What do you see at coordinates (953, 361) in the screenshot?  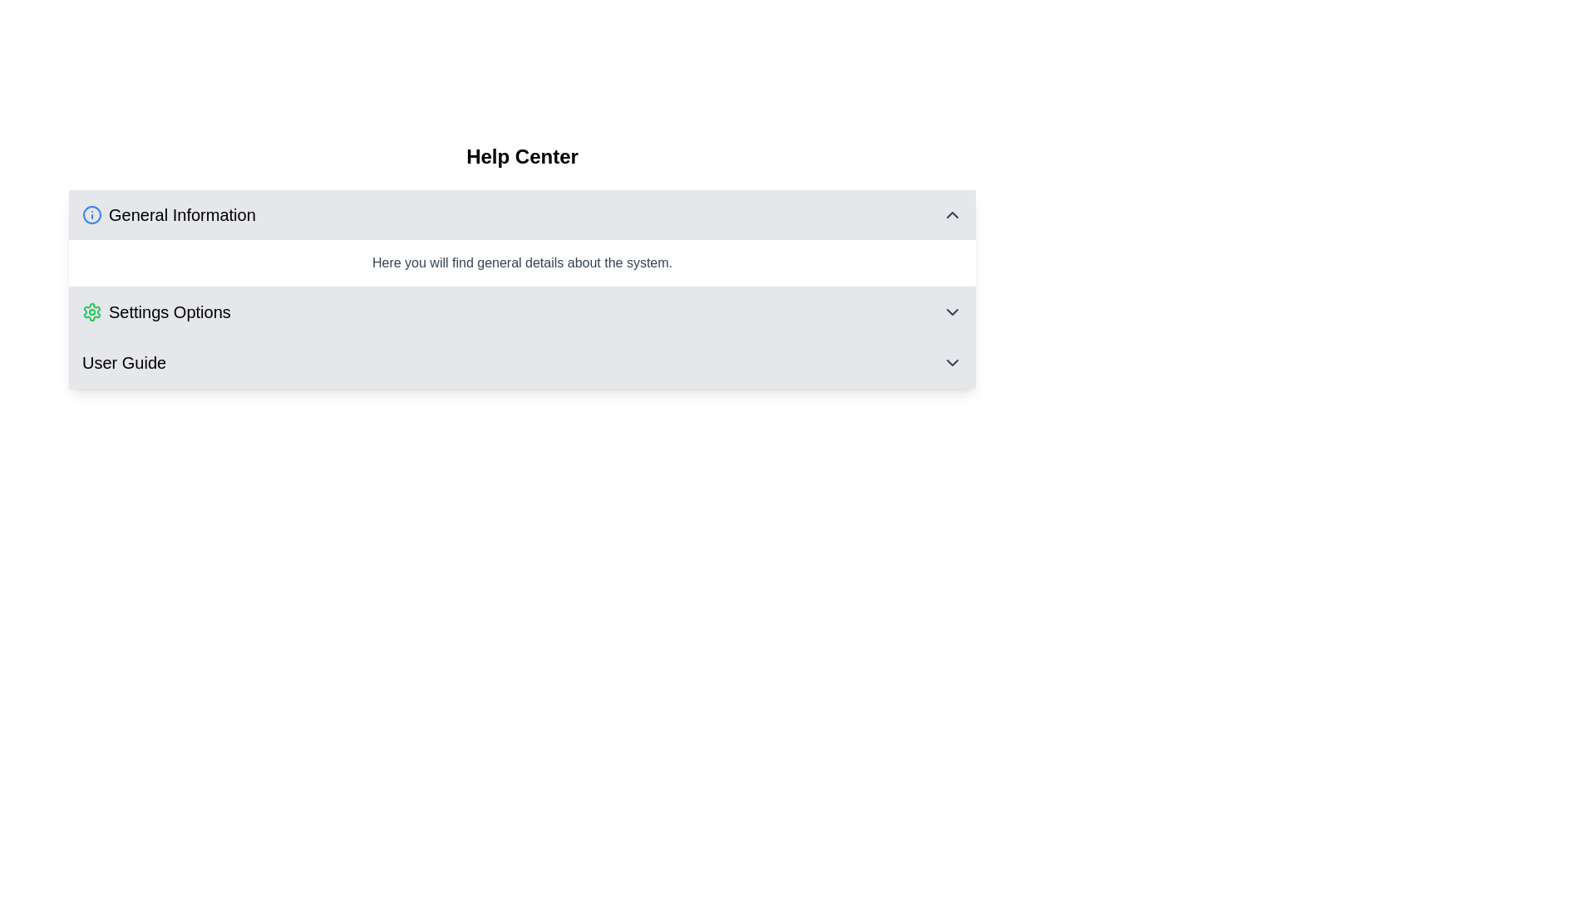 I see `the chevron-down icon located on the far right side of the 'User Guide' section` at bounding box center [953, 361].